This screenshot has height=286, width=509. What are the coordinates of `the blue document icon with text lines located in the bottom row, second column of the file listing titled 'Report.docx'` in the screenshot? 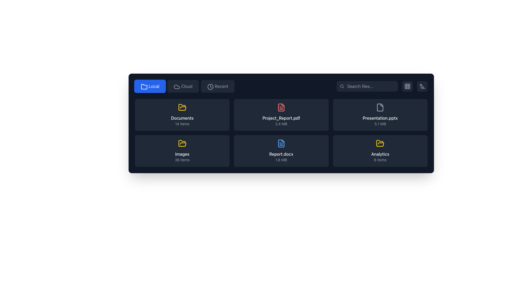 It's located at (281, 144).